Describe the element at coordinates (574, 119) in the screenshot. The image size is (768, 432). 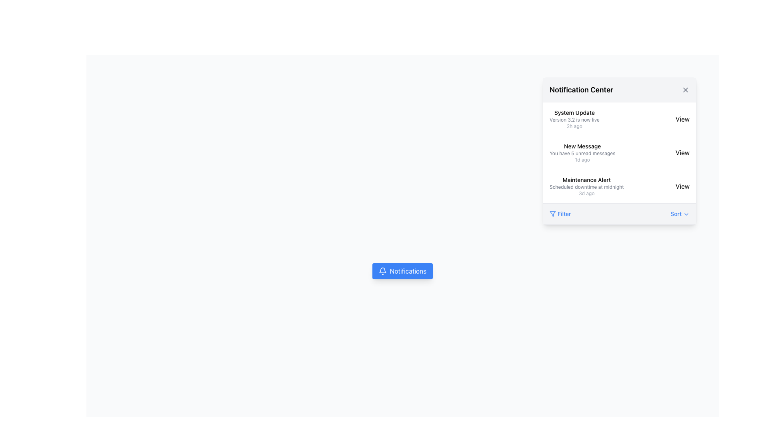
I see `the styled text component displaying 'System Update' in the 'Notification Center' dialog, which is the topmost notification in the list` at that location.